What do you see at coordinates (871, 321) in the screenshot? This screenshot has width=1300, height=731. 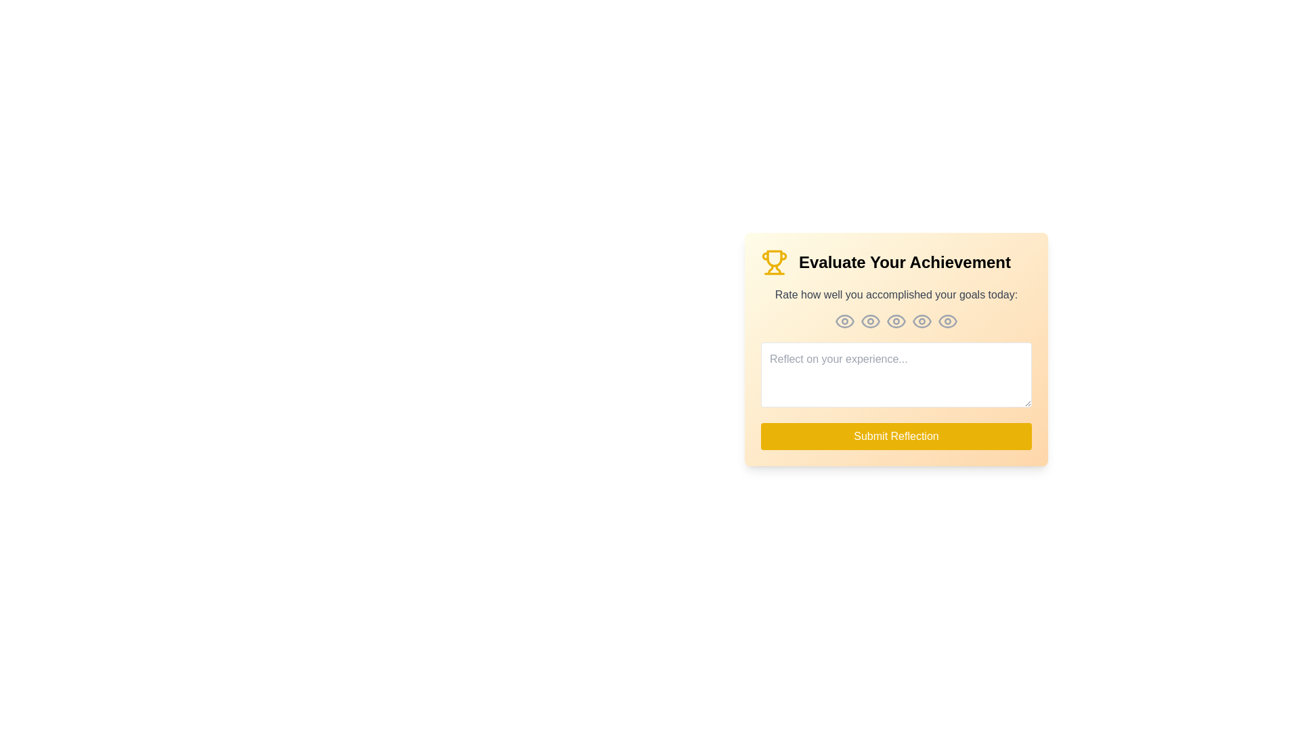 I see `the eye icon corresponding to the rating level 2 to set the rating` at bounding box center [871, 321].